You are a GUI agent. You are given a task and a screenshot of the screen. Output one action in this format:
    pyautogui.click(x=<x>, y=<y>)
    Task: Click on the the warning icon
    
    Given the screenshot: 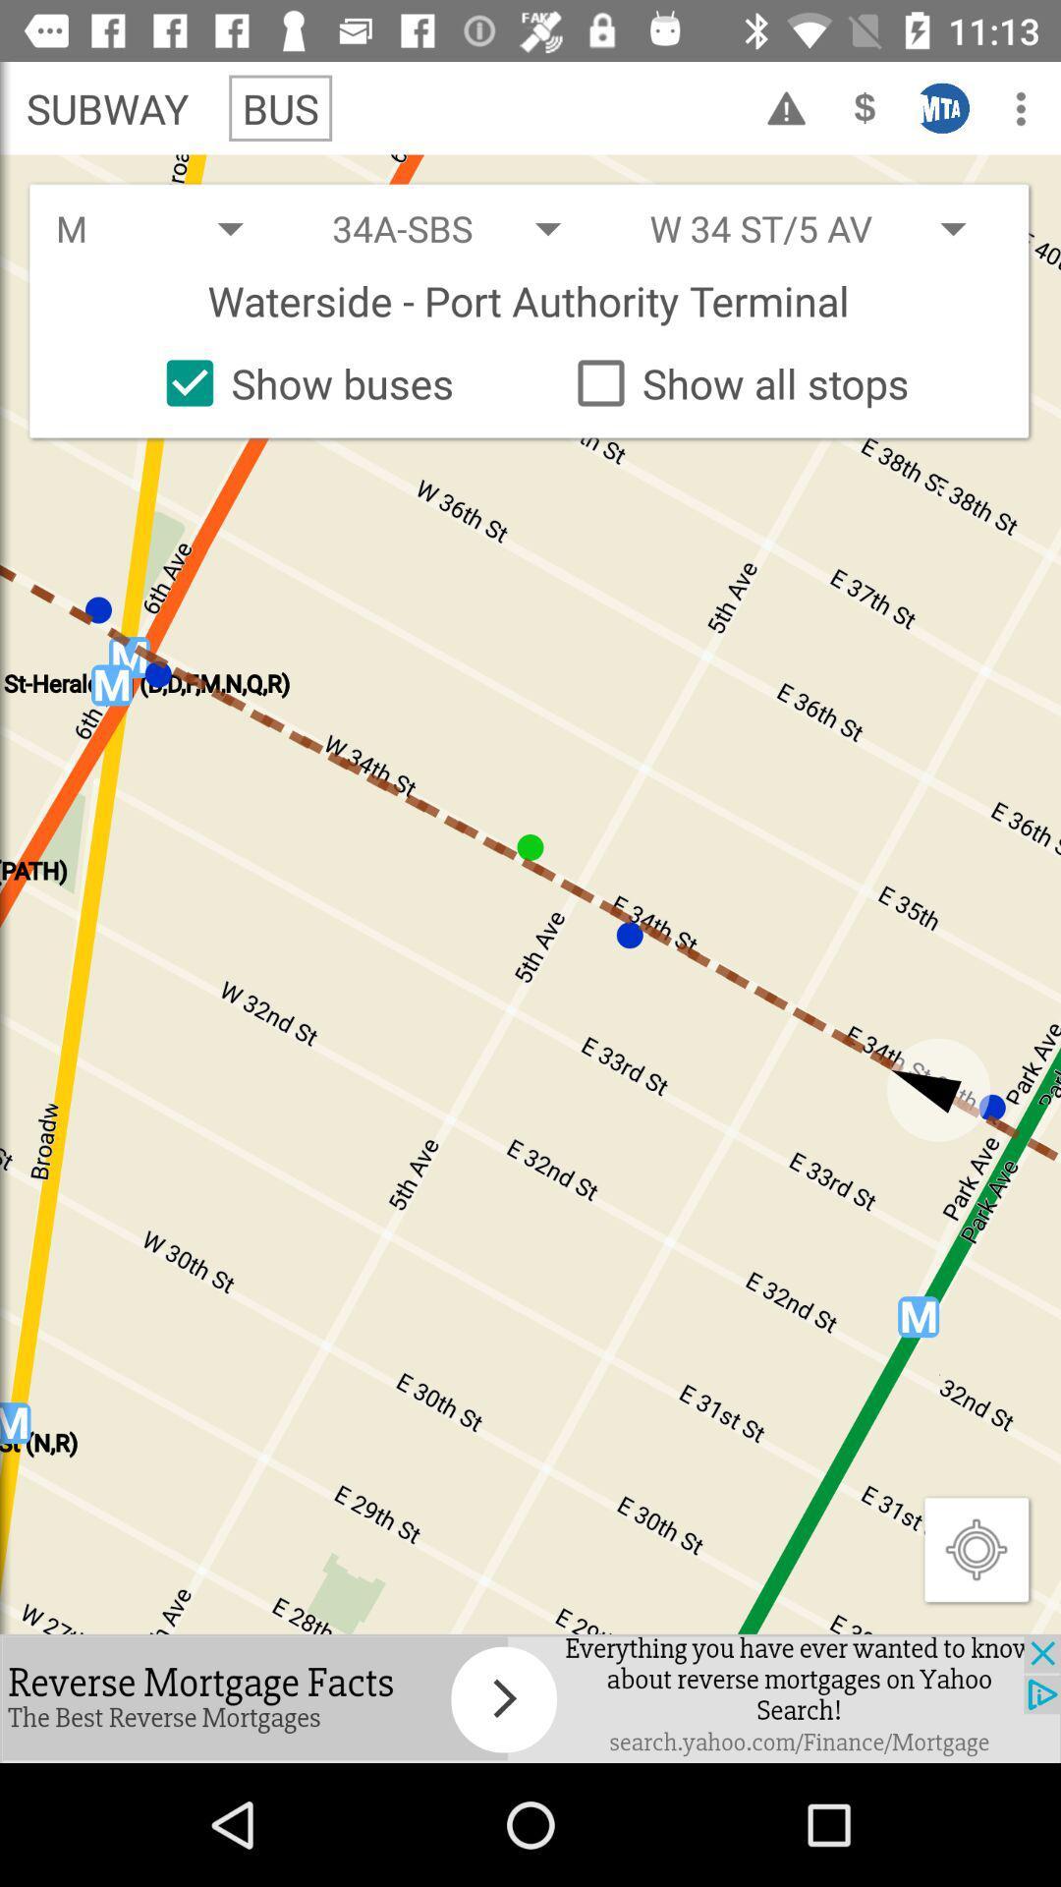 What is the action you would take?
    pyautogui.click(x=786, y=107)
    